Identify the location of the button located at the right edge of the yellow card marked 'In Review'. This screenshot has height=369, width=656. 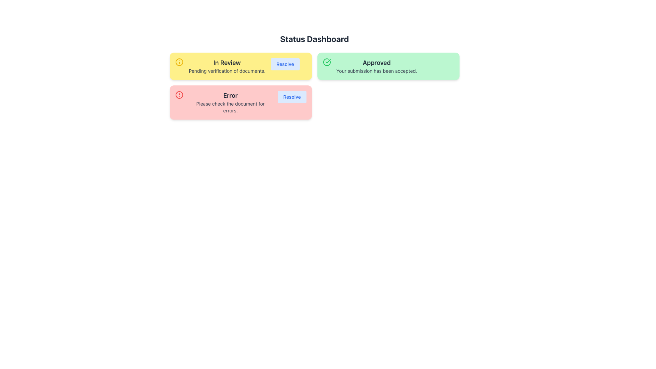
(285, 64).